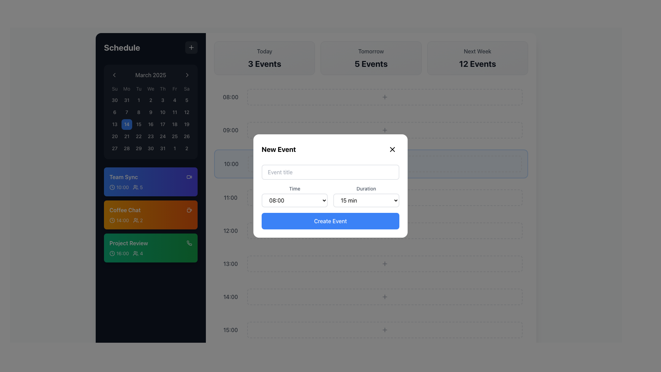 Image resolution: width=661 pixels, height=372 pixels. What do you see at coordinates (150, 75) in the screenshot?
I see `the text label displaying the current month and year, which reads 'March 2025', located at the top section of the calendar widget` at bounding box center [150, 75].